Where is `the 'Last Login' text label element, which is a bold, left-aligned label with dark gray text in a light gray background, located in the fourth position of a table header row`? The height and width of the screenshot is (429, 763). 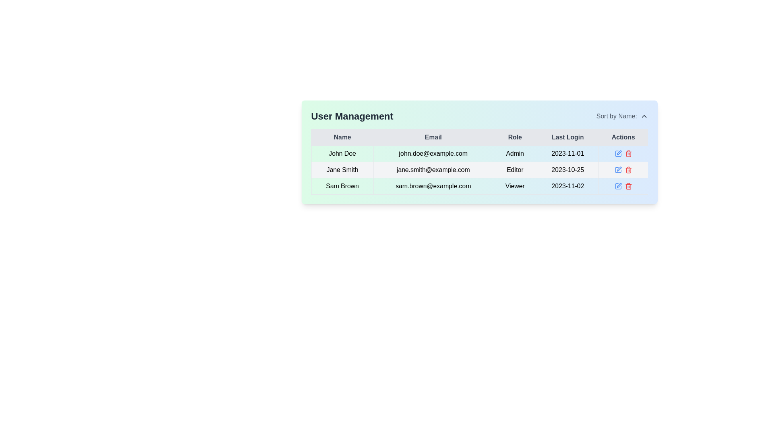
the 'Last Login' text label element, which is a bold, left-aligned label with dark gray text in a light gray background, located in the fourth position of a table header row is located at coordinates (567, 137).